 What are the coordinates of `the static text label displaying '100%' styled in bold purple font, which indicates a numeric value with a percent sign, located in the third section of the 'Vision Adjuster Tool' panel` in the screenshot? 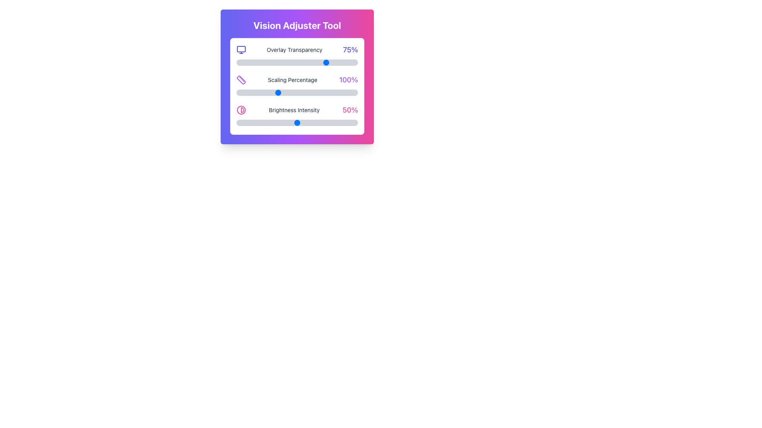 It's located at (348, 80).